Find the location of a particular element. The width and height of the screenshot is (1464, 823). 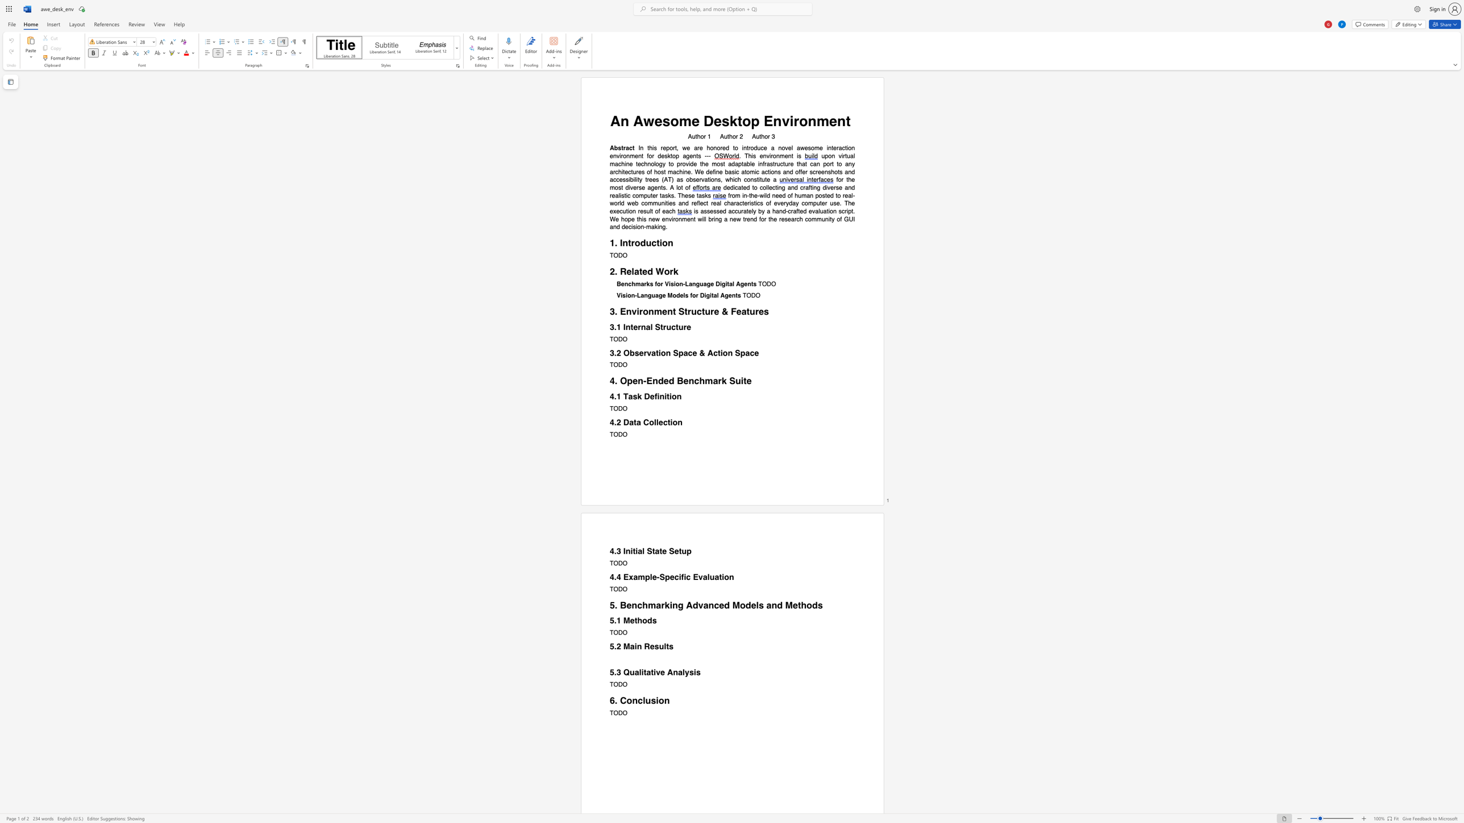

the subset text "tut" within the text "constitute" is located at coordinates (759, 179).